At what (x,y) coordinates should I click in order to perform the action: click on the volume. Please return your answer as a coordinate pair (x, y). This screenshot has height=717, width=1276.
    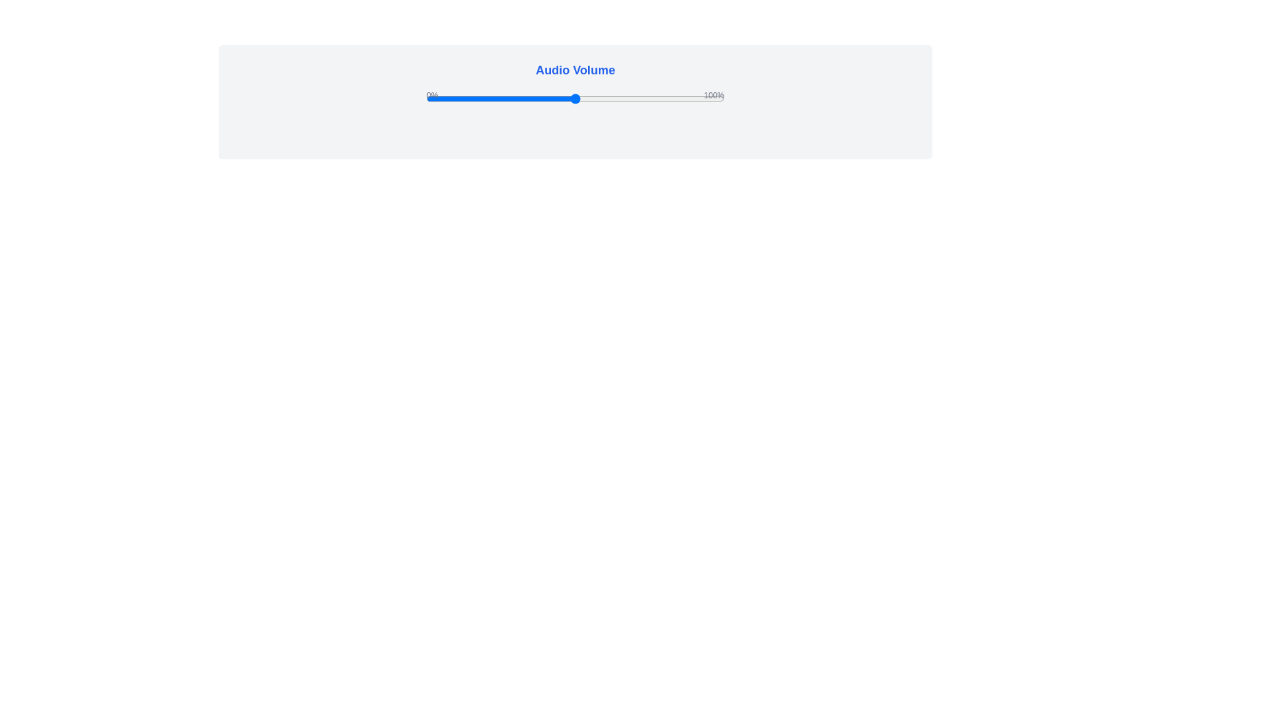
    Looking at the image, I should click on (616, 98).